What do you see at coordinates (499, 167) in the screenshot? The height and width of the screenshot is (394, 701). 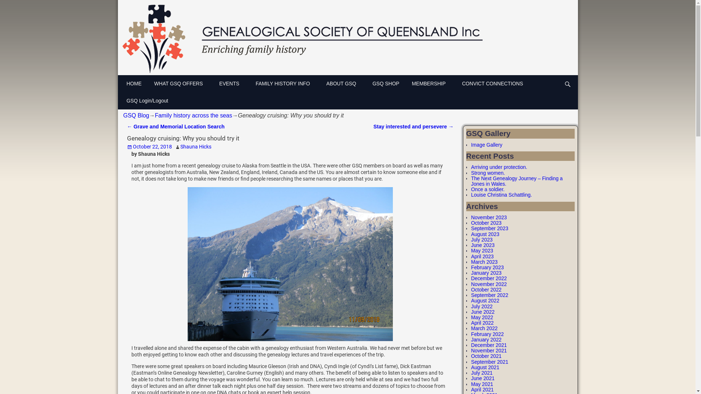 I see `'Arriving under protection.'` at bounding box center [499, 167].